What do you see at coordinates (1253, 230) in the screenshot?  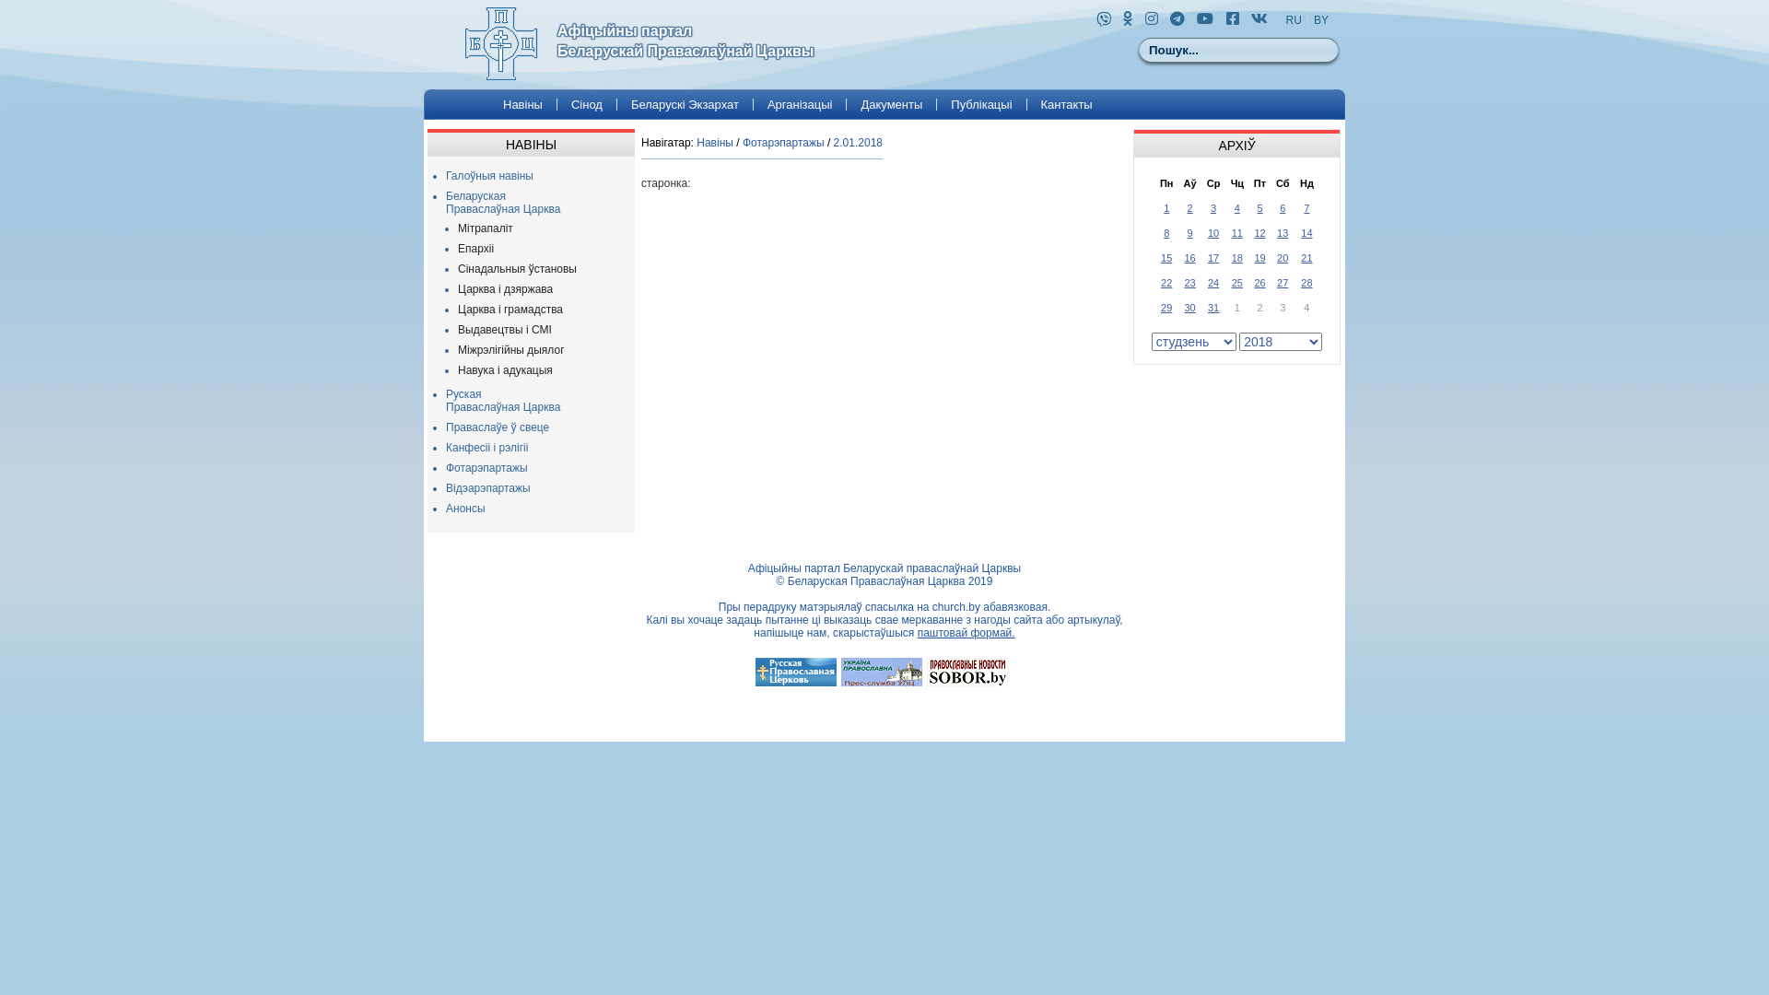 I see `'12'` at bounding box center [1253, 230].